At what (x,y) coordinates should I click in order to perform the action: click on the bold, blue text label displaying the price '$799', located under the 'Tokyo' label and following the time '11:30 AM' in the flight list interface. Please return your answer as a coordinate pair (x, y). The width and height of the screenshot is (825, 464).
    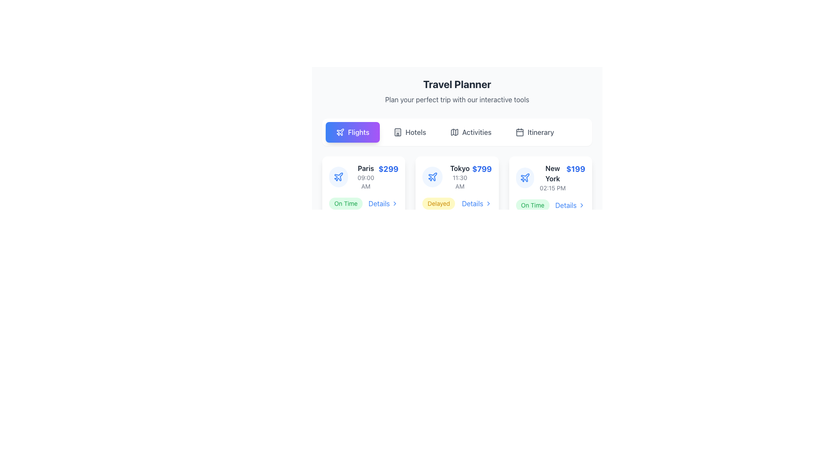
    Looking at the image, I should click on (482, 169).